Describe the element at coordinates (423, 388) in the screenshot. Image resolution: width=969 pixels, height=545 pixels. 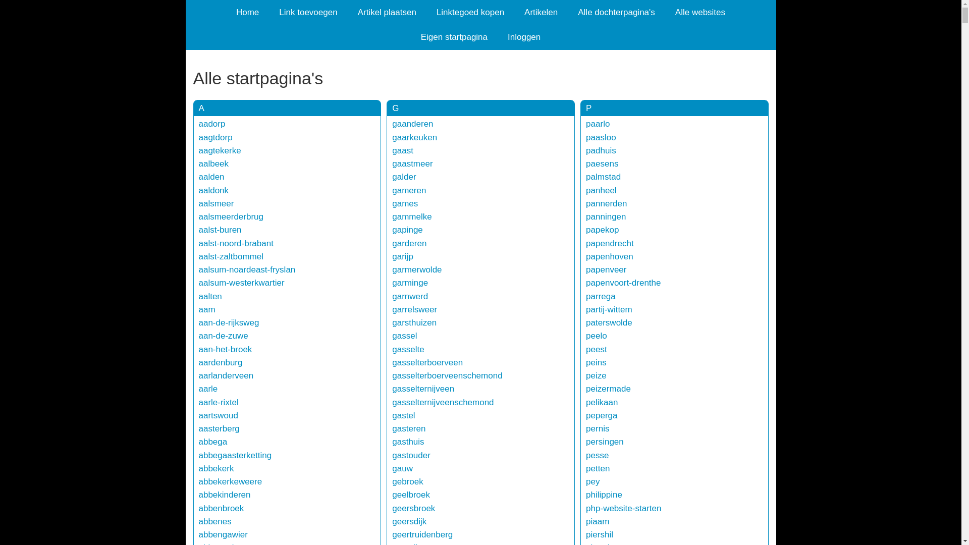
I see `'gasselternijveen'` at that location.